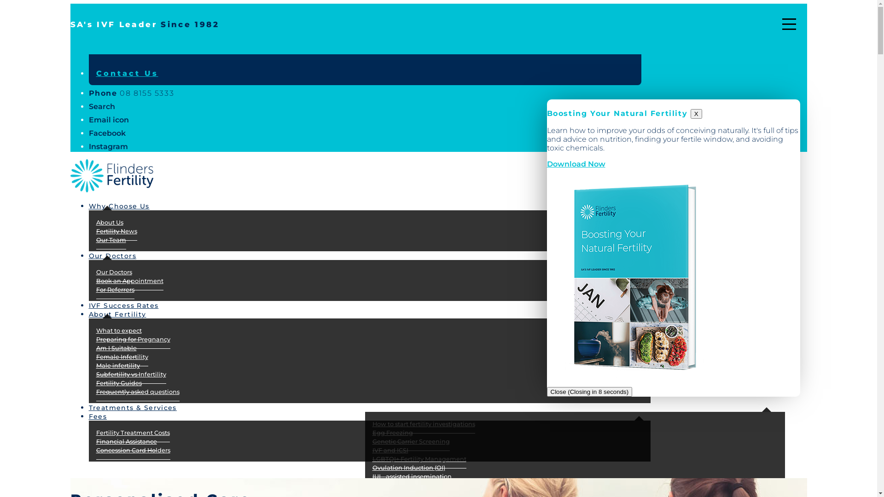 This screenshot has height=497, width=884. What do you see at coordinates (95, 239) in the screenshot?
I see `'Our Team'` at bounding box center [95, 239].